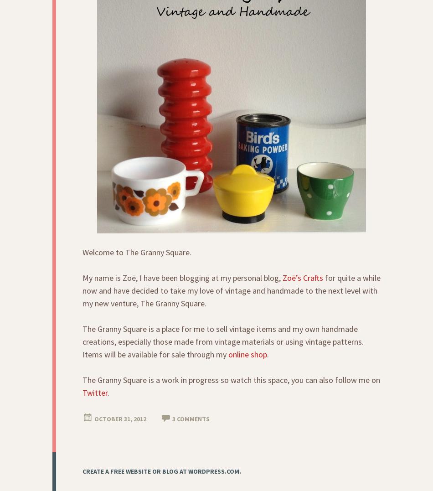  Describe the element at coordinates (231, 379) in the screenshot. I see `'The Granny Square is a work in progress so watch this space, you can also follow me on'` at that location.